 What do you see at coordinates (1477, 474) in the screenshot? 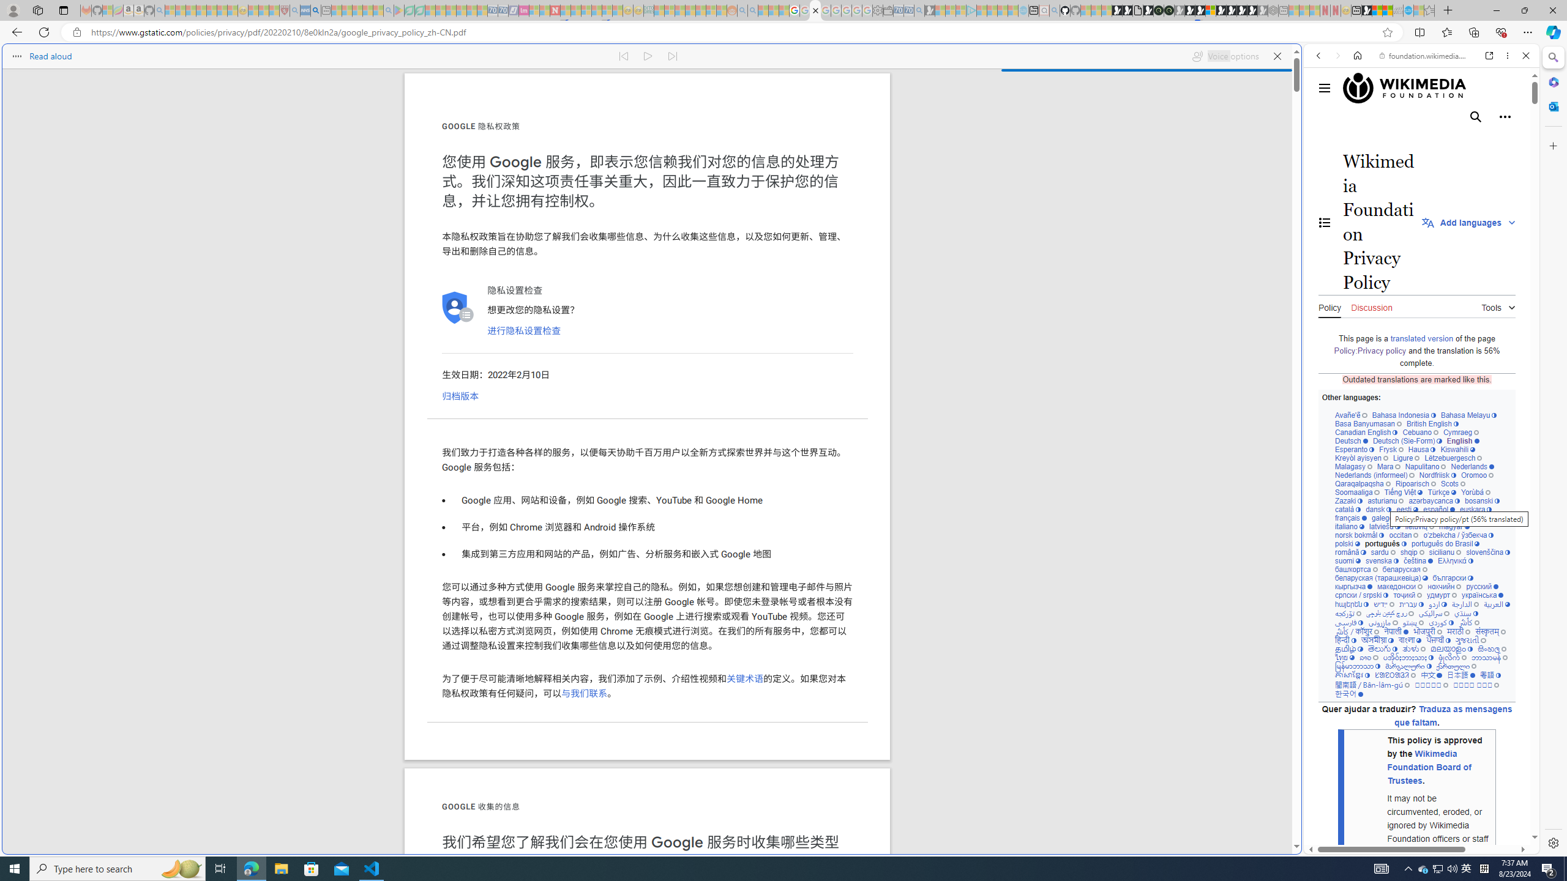
I see `'Oromoo'` at bounding box center [1477, 474].